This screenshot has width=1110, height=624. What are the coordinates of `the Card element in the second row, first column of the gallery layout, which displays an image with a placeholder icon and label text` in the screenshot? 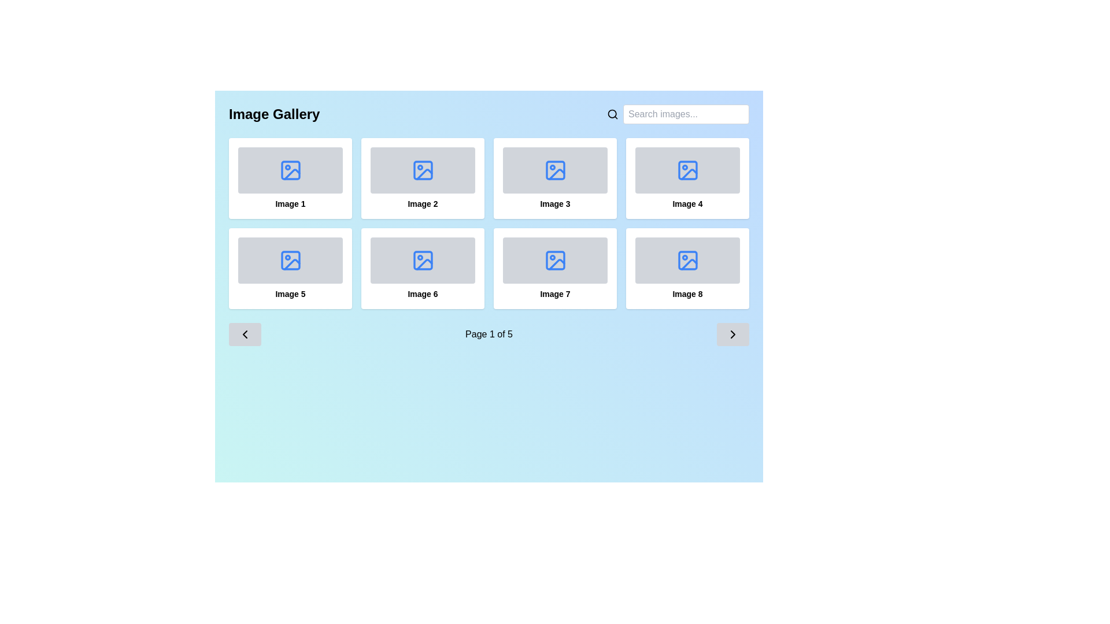 It's located at (290, 269).